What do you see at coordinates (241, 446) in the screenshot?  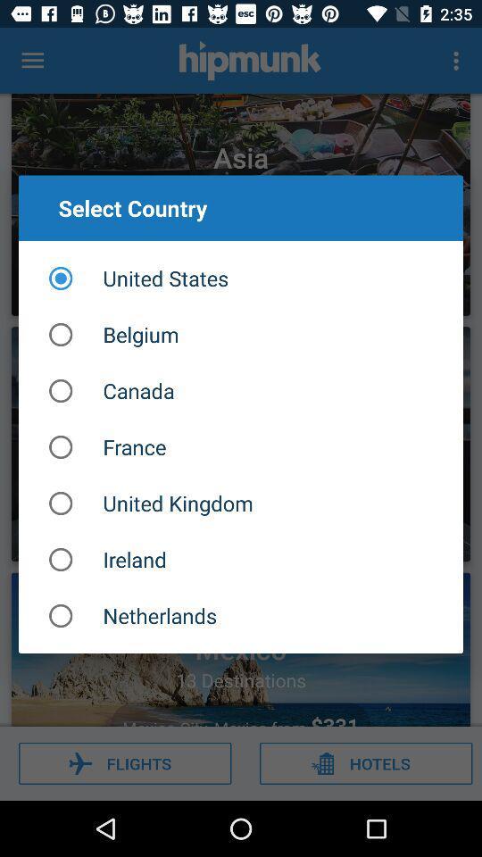 I see `france item` at bounding box center [241, 446].